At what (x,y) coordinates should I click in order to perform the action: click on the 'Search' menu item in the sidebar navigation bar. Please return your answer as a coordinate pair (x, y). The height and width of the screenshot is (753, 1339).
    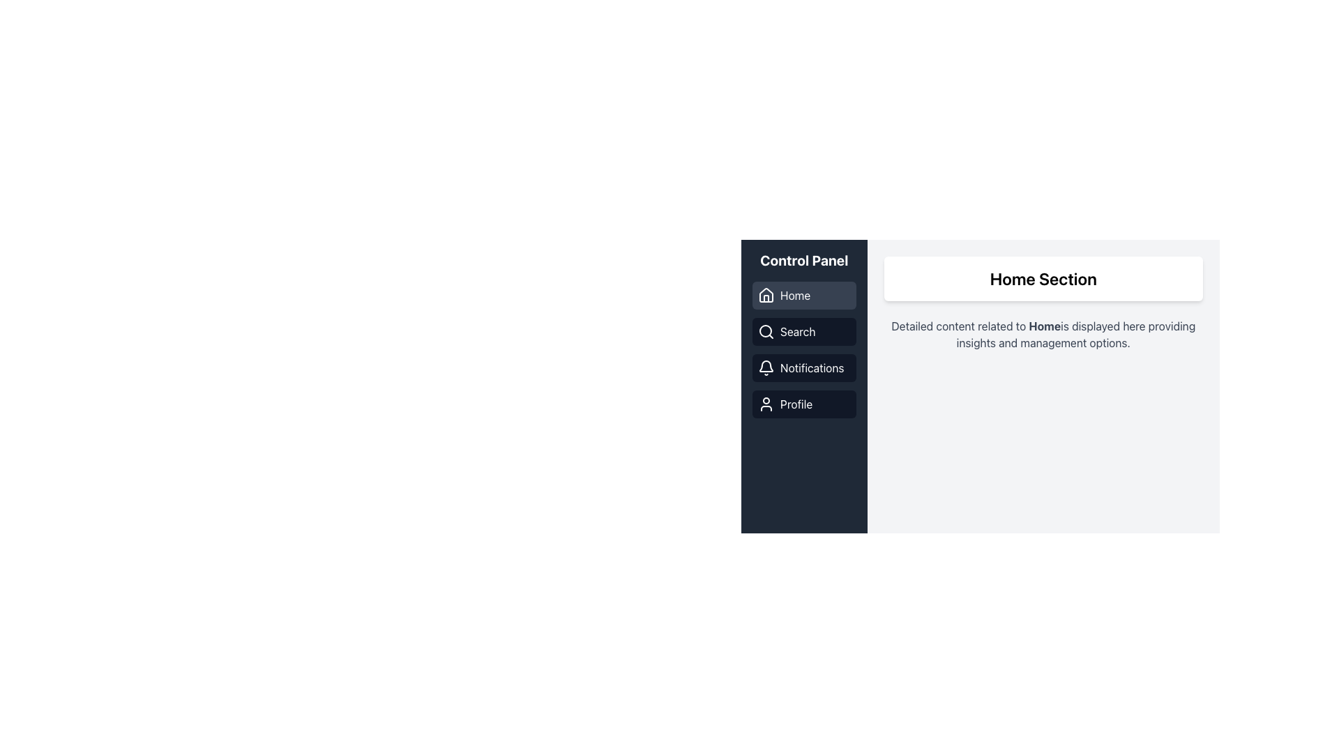
    Looking at the image, I should click on (804, 349).